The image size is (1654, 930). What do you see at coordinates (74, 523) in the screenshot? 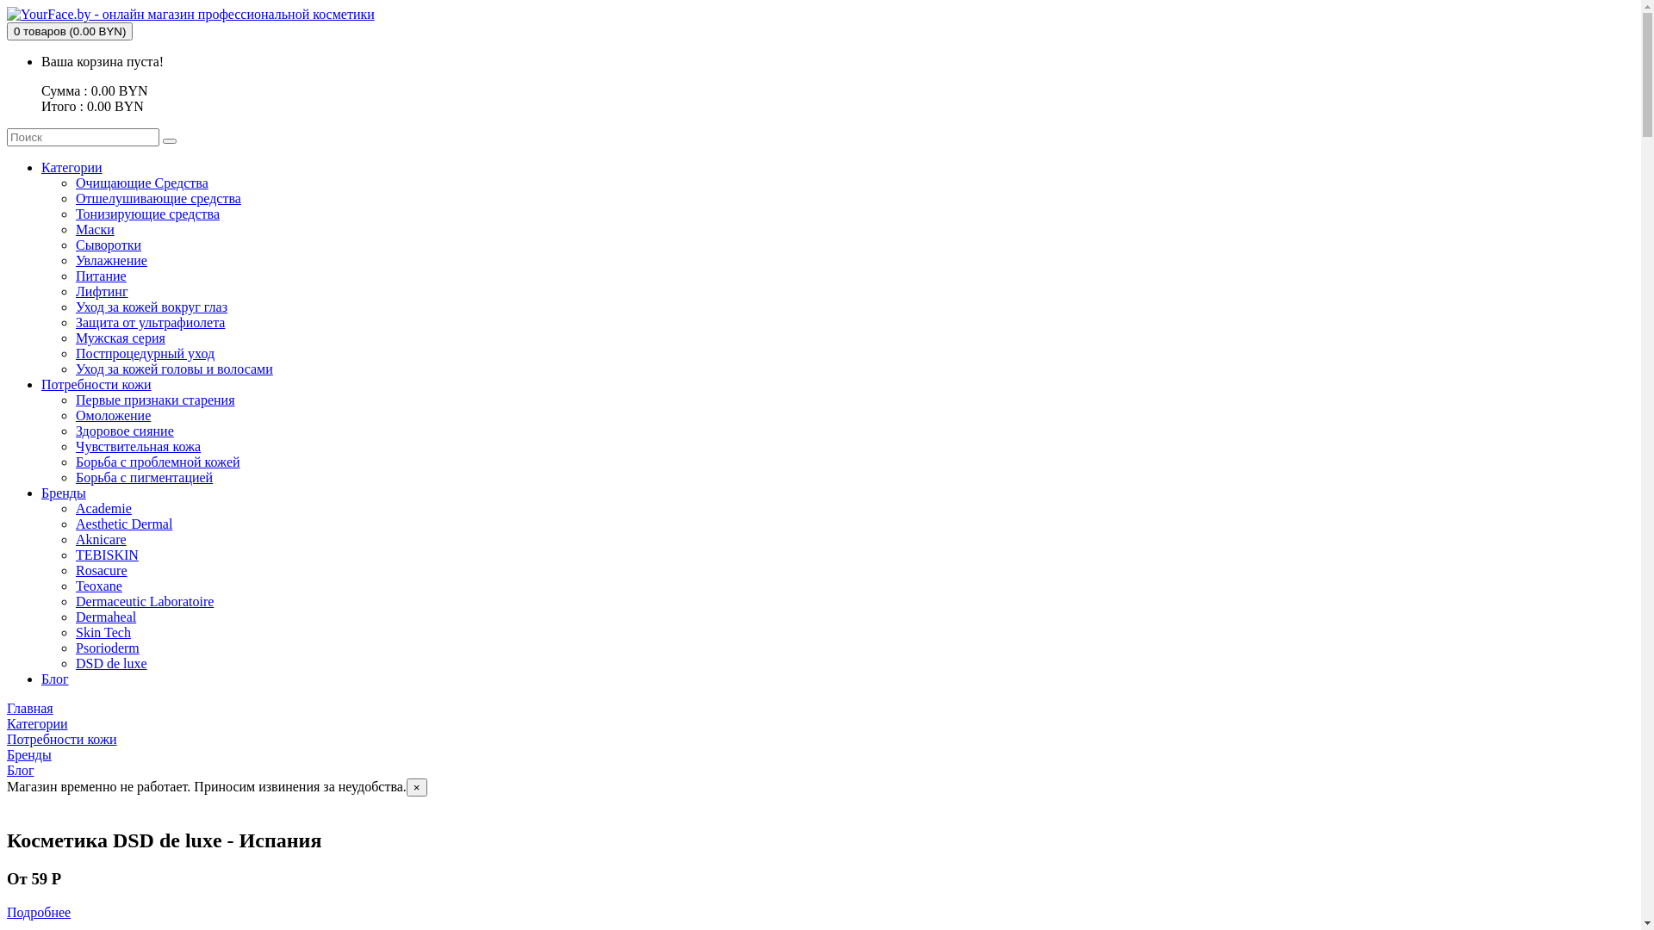
I see `'Aesthetic Dermal'` at bounding box center [74, 523].